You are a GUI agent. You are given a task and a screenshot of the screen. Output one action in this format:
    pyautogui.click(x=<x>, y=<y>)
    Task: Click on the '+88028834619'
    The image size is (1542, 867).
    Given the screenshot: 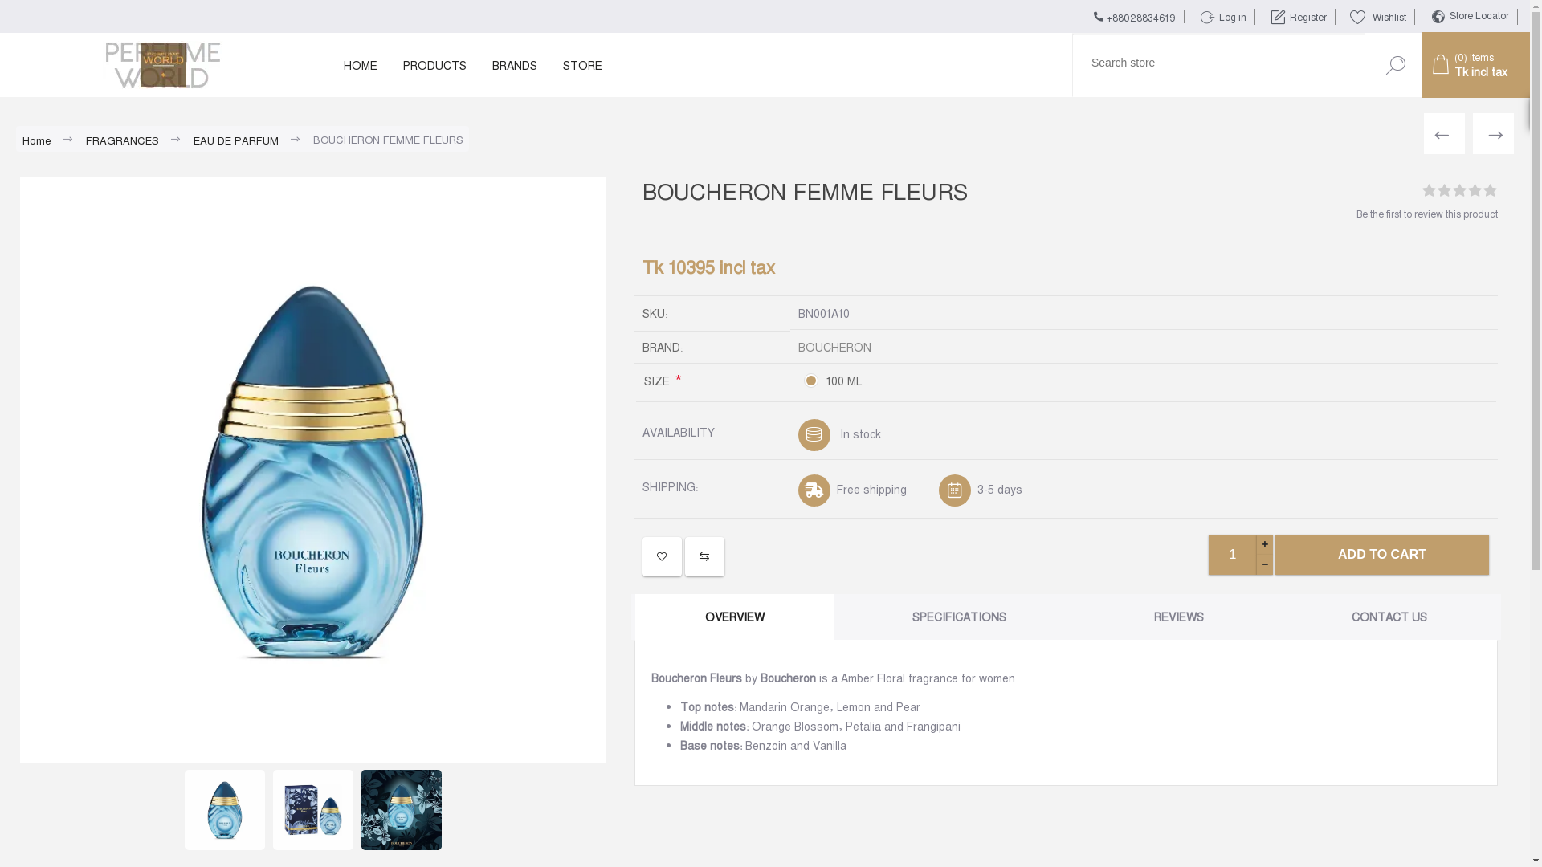 What is the action you would take?
    pyautogui.click(x=1133, y=15)
    